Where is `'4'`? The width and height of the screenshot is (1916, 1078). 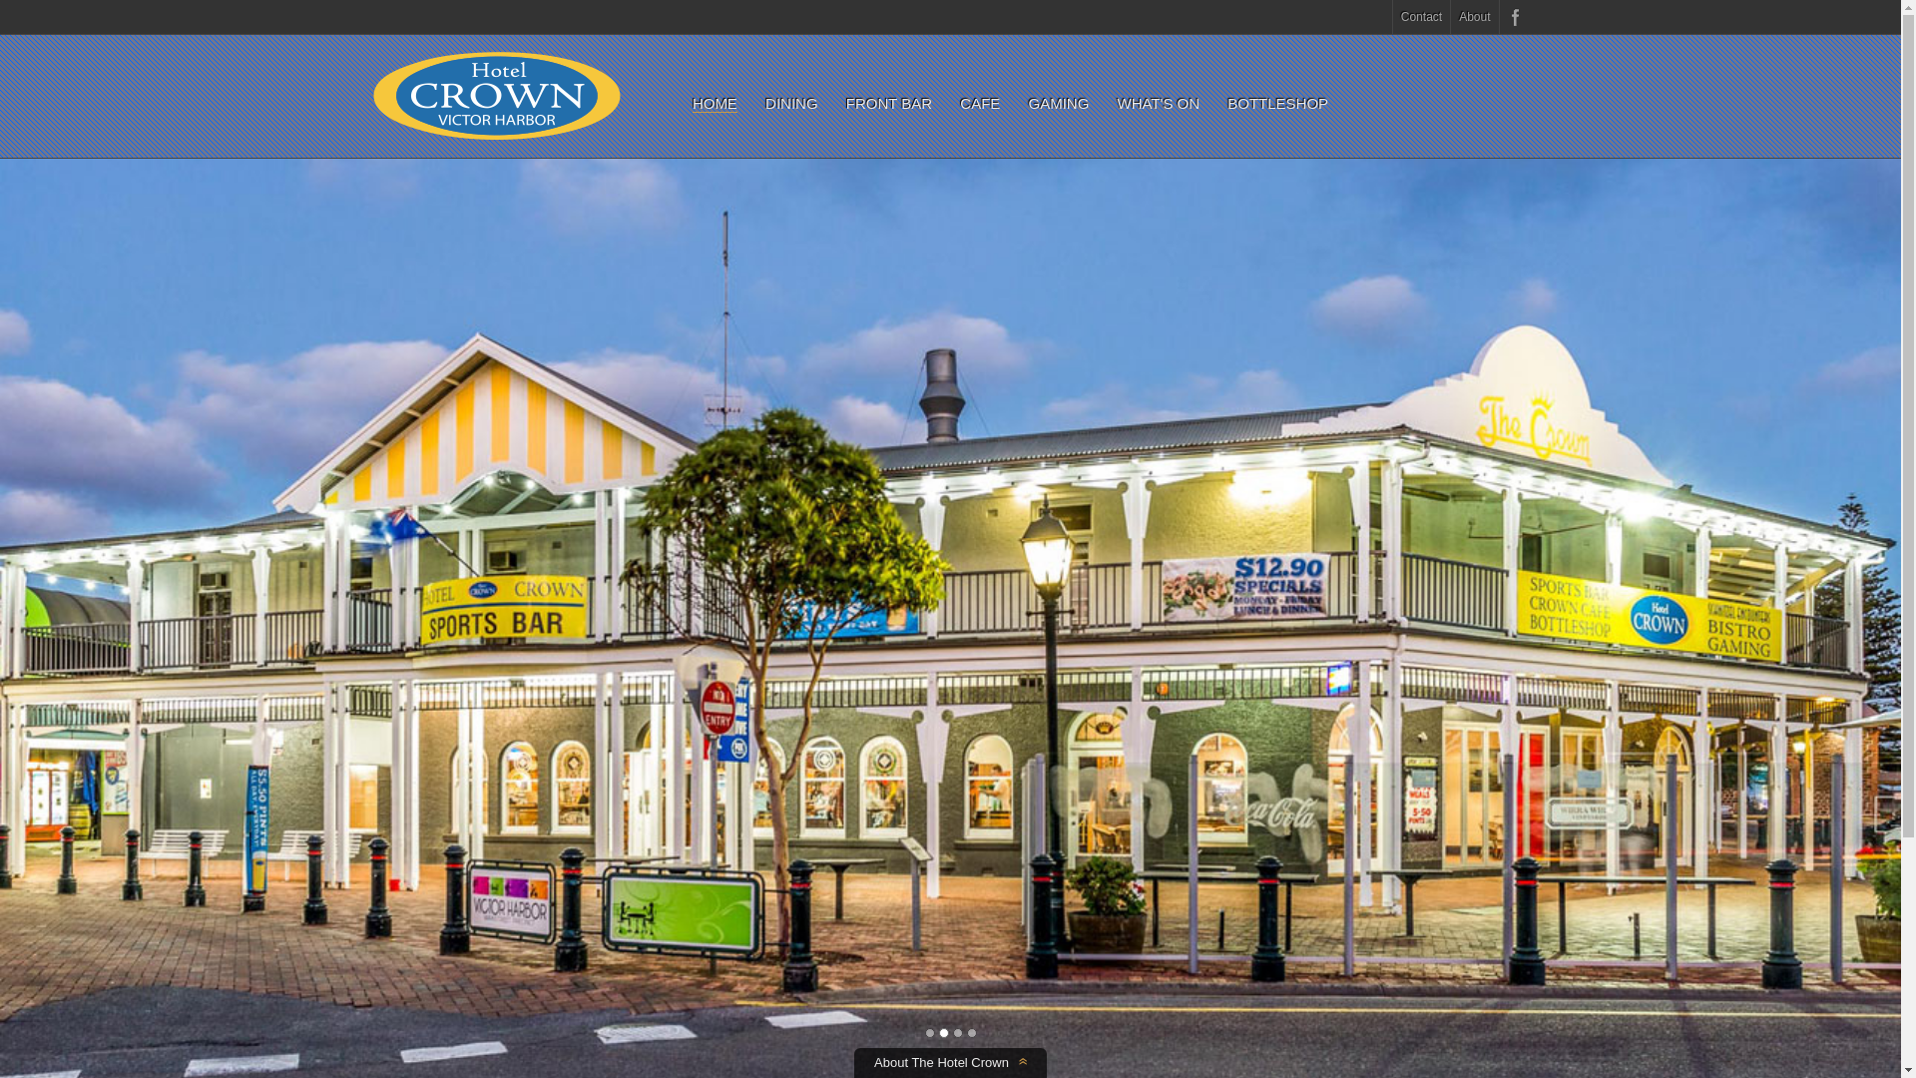 '4' is located at coordinates (966, 1032).